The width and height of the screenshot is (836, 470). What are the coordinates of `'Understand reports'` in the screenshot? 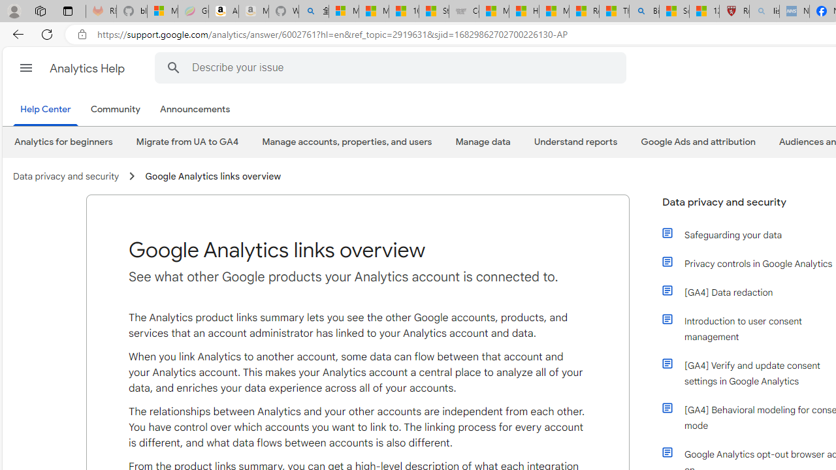 It's located at (575, 142).